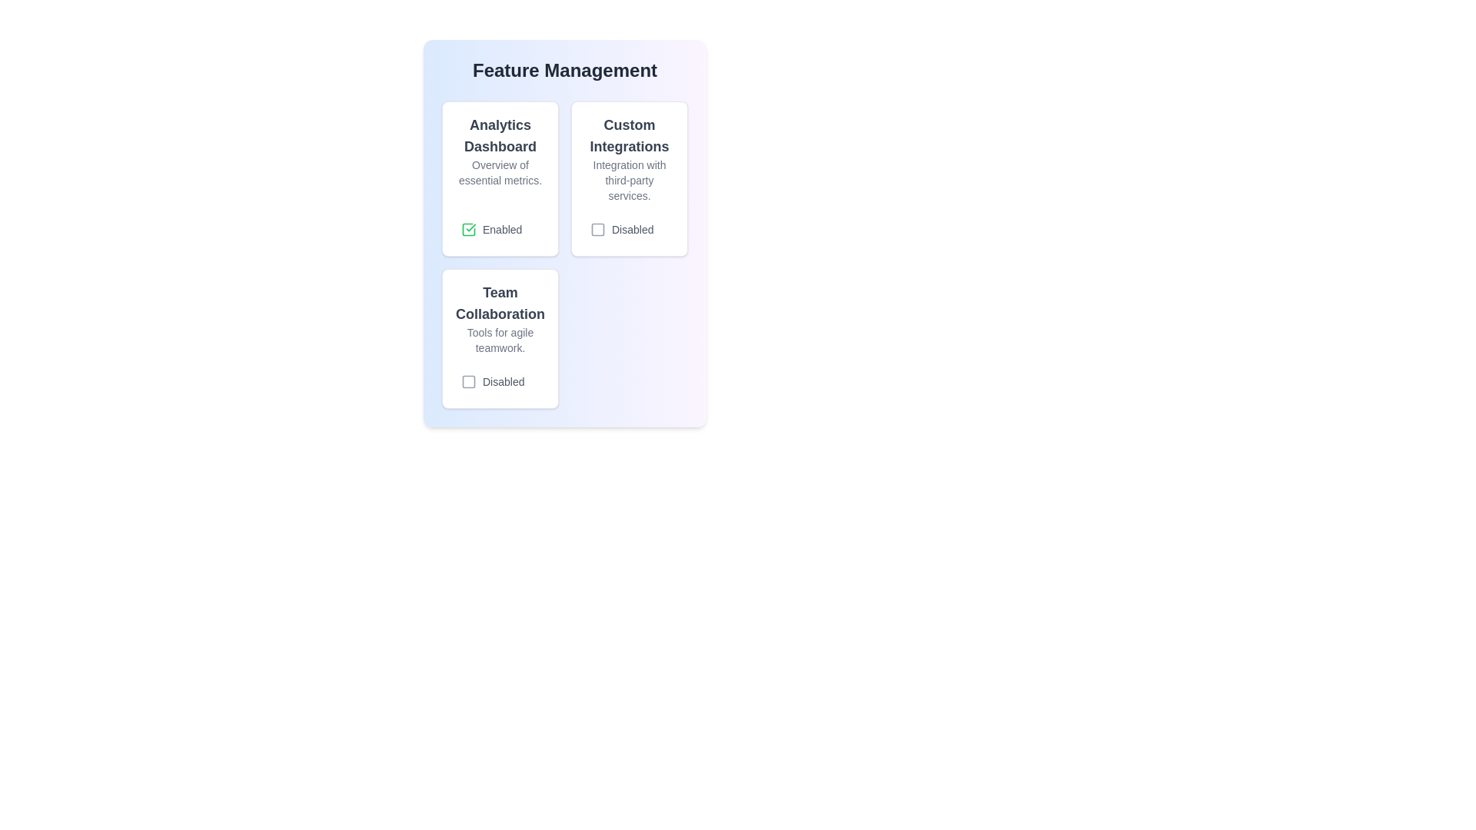 The image size is (1476, 830). Describe the element at coordinates (502, 230) in the screenshot. I see `status conveyed by the text label indicating 'Enabled', which is located inside a white rectangular card in the top-left corner of the grid layout, next to a green checkmark icon` at that location.